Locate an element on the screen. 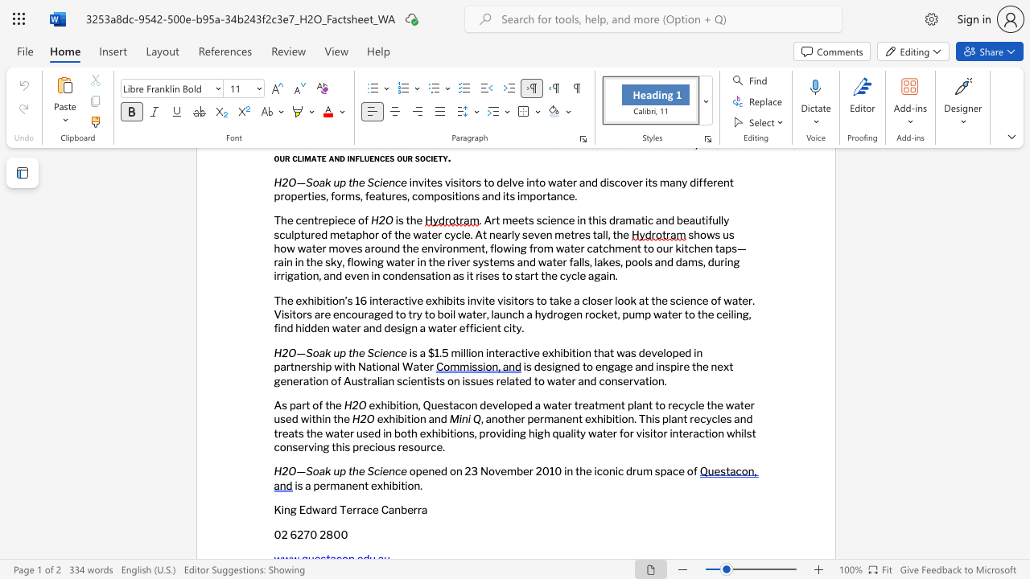 The width and height of the screenshot is (1030, 579). the subset text "ycles and treats the water used in both exhibitions, providing high quality water for visitor interaction whilst conserving thi" within the text ", another permanent exhibition. This plant recycles and treats the water used in both exhibitions, providing high quality water for visitor interaction whilst conserving this precious resource." is located at coordinates (706, 418).